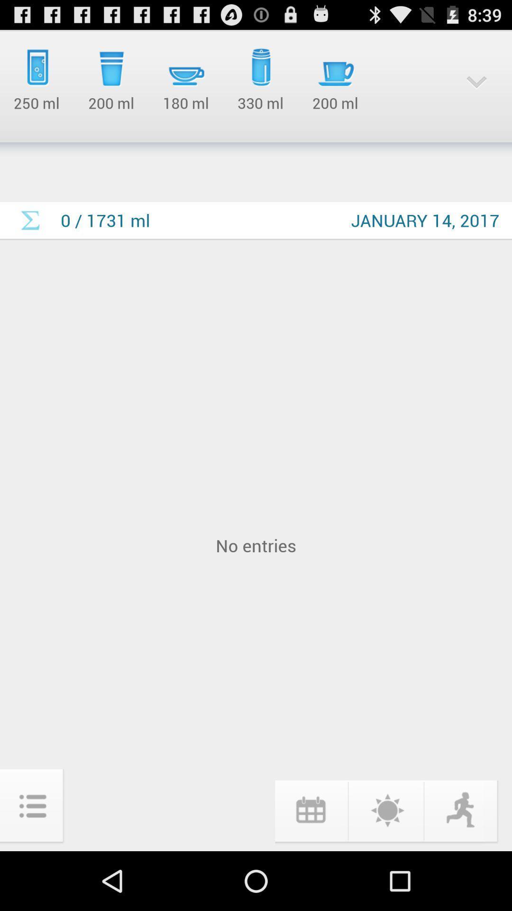 The image size is (512, 911). Describe the element at coordinates (476, 88) in the screenshot. I see `the expand_more icon` at that location.